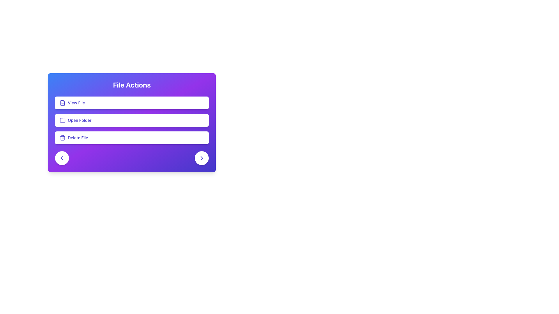  Describe the element at coordinates (63, 103) in the screenshot. I see `the 'View File' icon located` at that location.